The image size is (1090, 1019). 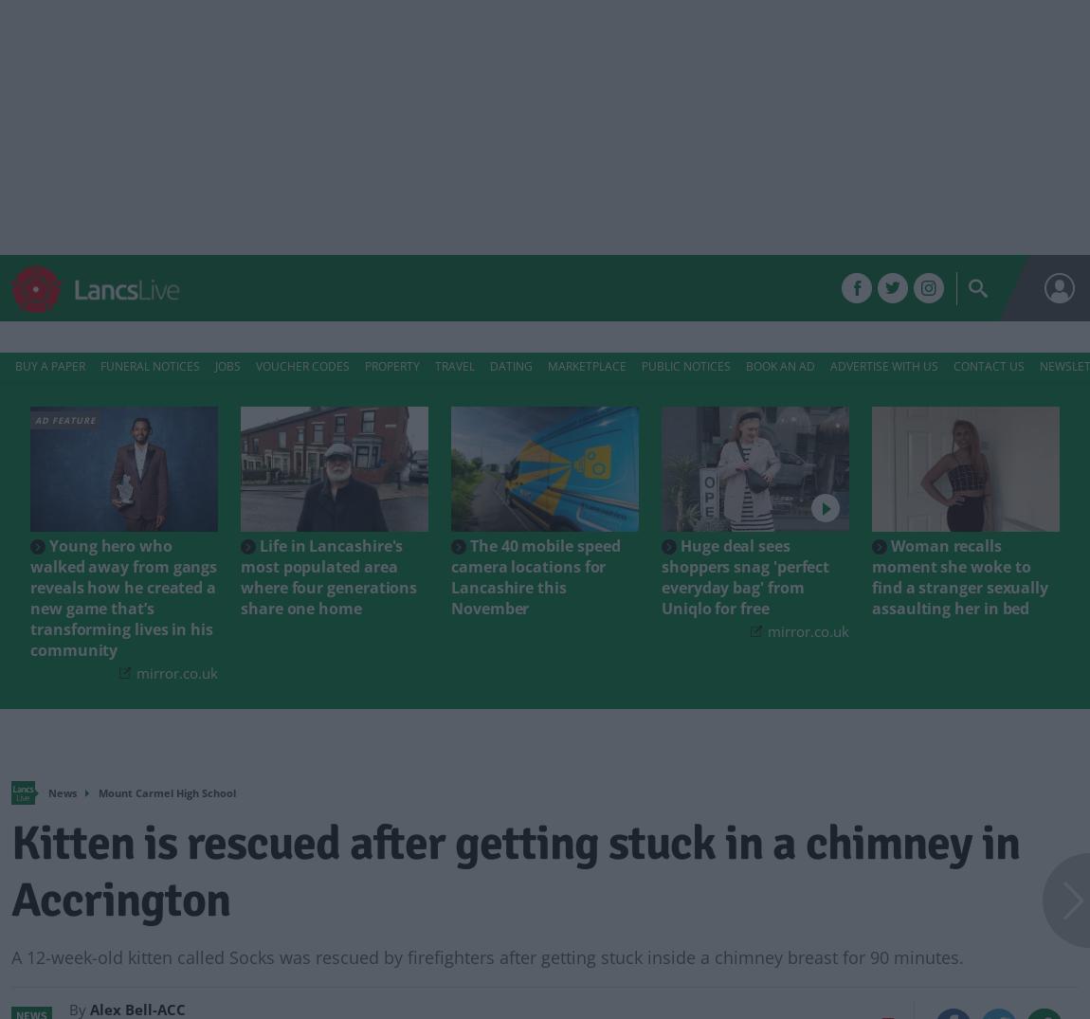 What do you see at coordinates (166, 760) in the screenshot?
I see `'Mount Carmel High School'` at bounding box center [166, 760].